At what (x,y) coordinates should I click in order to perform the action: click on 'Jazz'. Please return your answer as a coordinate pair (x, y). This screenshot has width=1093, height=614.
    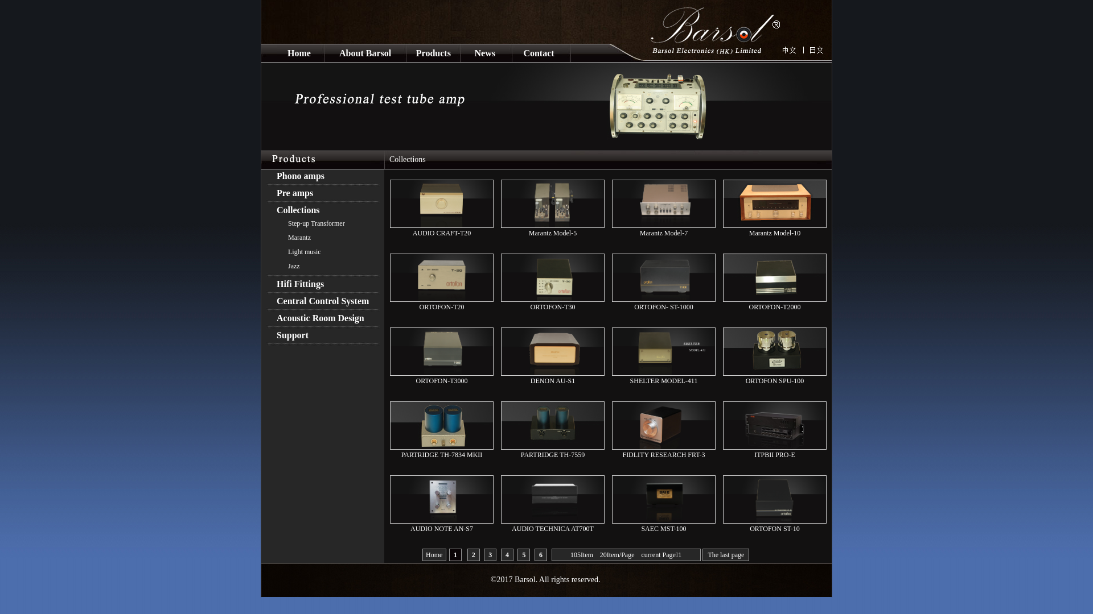
    Looking at the image, I should click on (261, 266).